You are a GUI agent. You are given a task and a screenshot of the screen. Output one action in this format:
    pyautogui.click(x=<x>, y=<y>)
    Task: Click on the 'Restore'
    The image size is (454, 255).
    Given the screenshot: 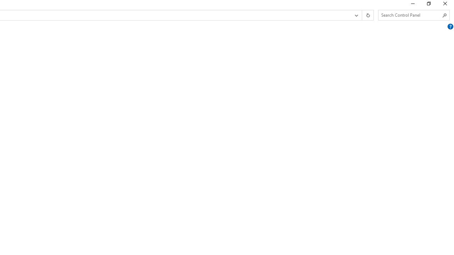 What is the action you would take?
    pyautogui.click(x=428, y=5)
    